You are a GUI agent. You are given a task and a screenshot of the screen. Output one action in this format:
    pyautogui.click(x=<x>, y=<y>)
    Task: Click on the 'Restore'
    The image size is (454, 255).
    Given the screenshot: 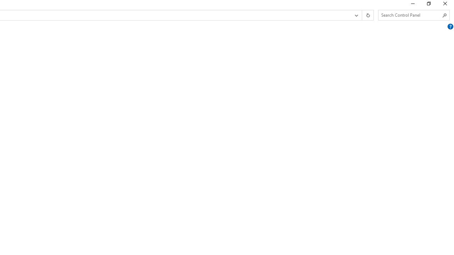 What is the action you would take?
    pyautogui.click(x=428, y=5)
    